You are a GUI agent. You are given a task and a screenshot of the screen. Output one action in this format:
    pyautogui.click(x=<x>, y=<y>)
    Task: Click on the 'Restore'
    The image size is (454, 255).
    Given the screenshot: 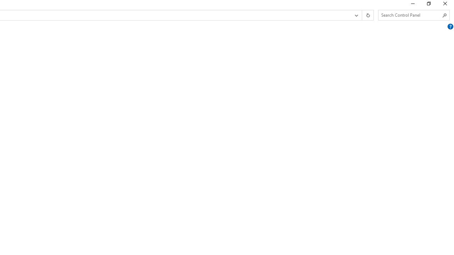 What is the action you would take?
    pyautogui.click(x=428, y=5)
    